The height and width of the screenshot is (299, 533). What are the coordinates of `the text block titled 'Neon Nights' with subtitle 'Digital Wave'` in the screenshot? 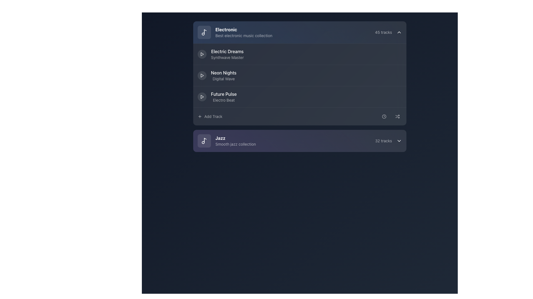 It's located at (223, 76).